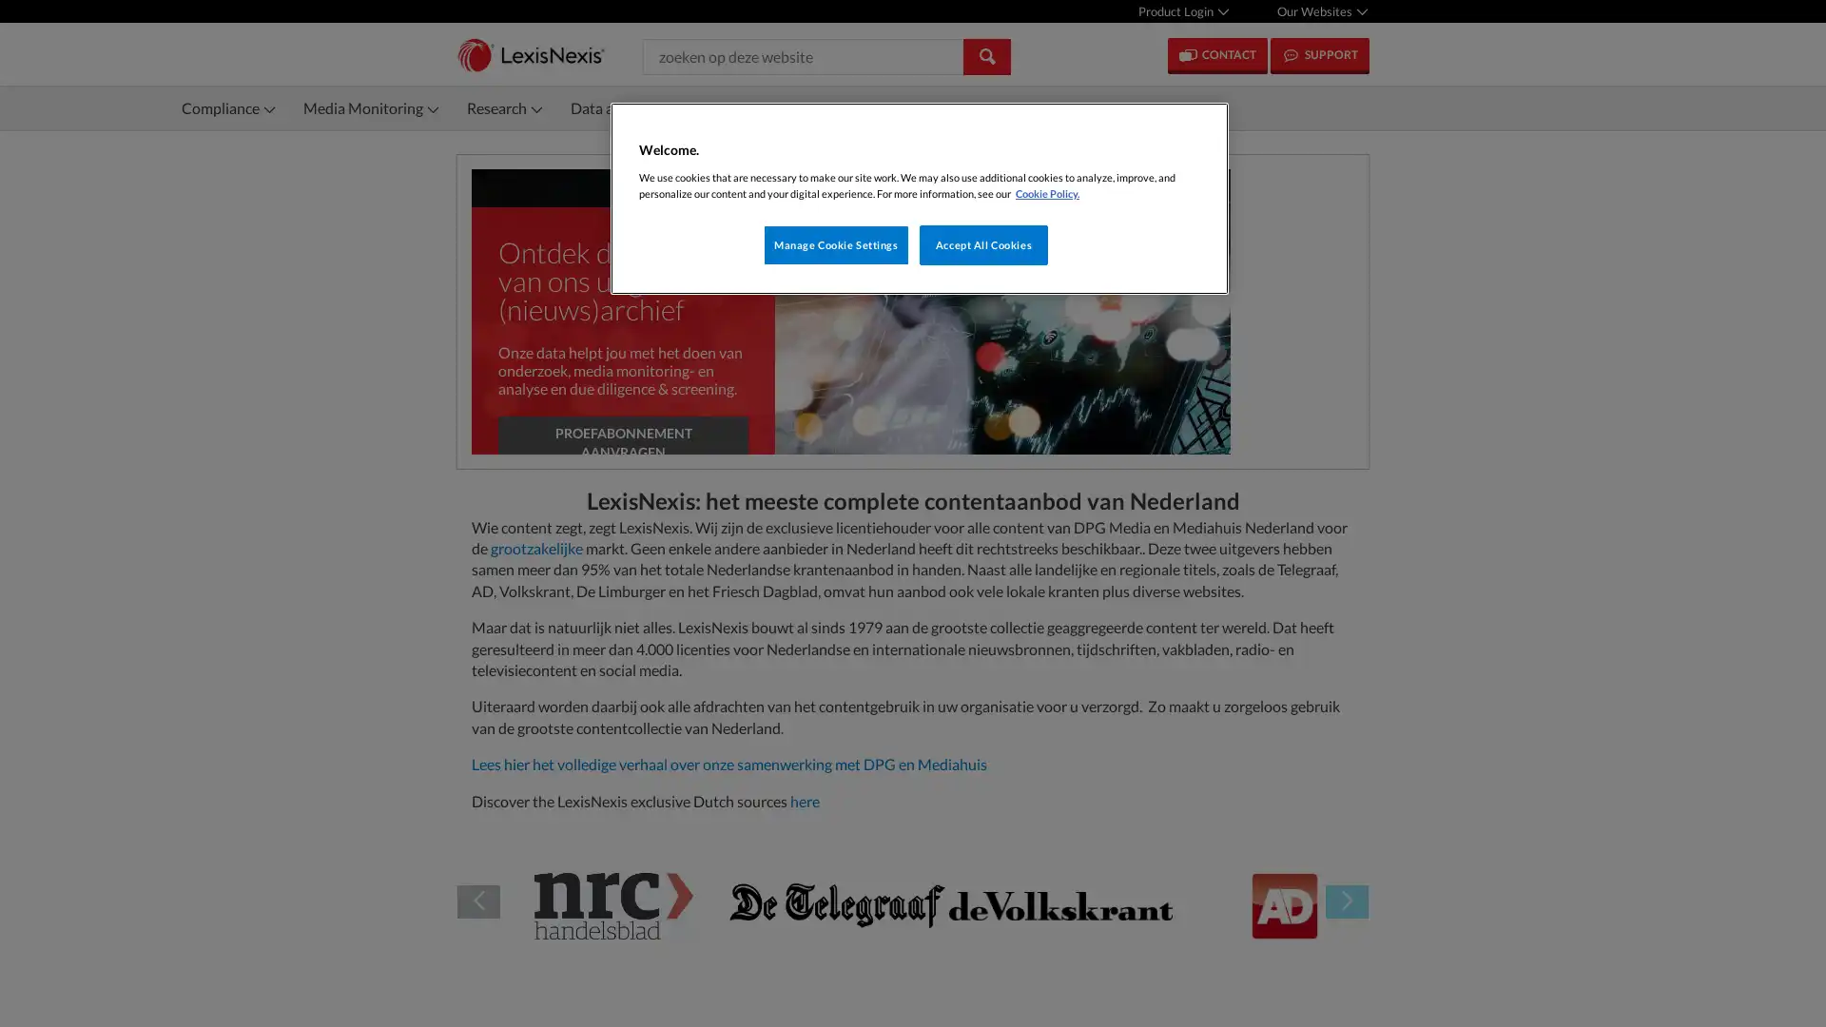  Describe the element at coordinates (986, 54) in the screenshot. I see `Search` at that location.